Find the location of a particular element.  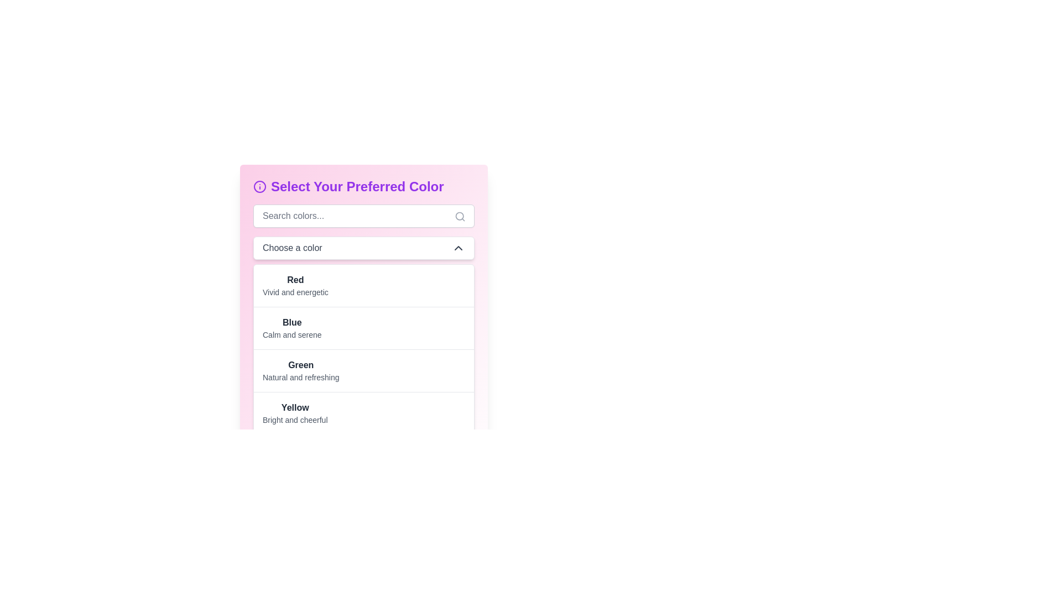

the list item in the color selection dropdown menu under 'Choose a color' is located at coordinates (363, 371).